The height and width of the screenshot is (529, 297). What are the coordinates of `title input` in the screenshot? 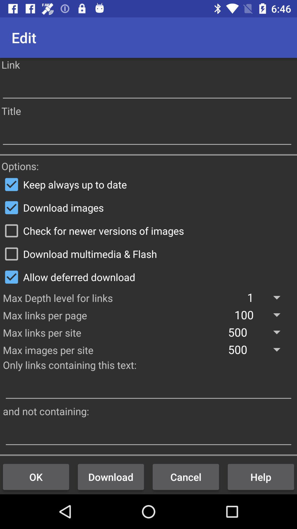 It's located at (147, 134).